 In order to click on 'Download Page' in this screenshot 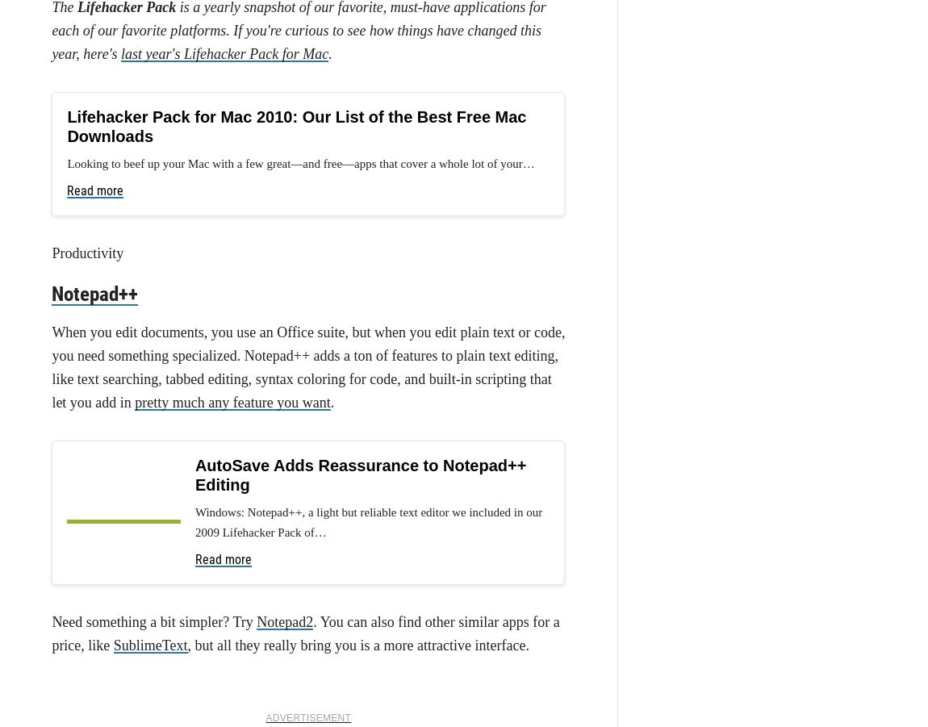, I will do `click(98, 399)`.